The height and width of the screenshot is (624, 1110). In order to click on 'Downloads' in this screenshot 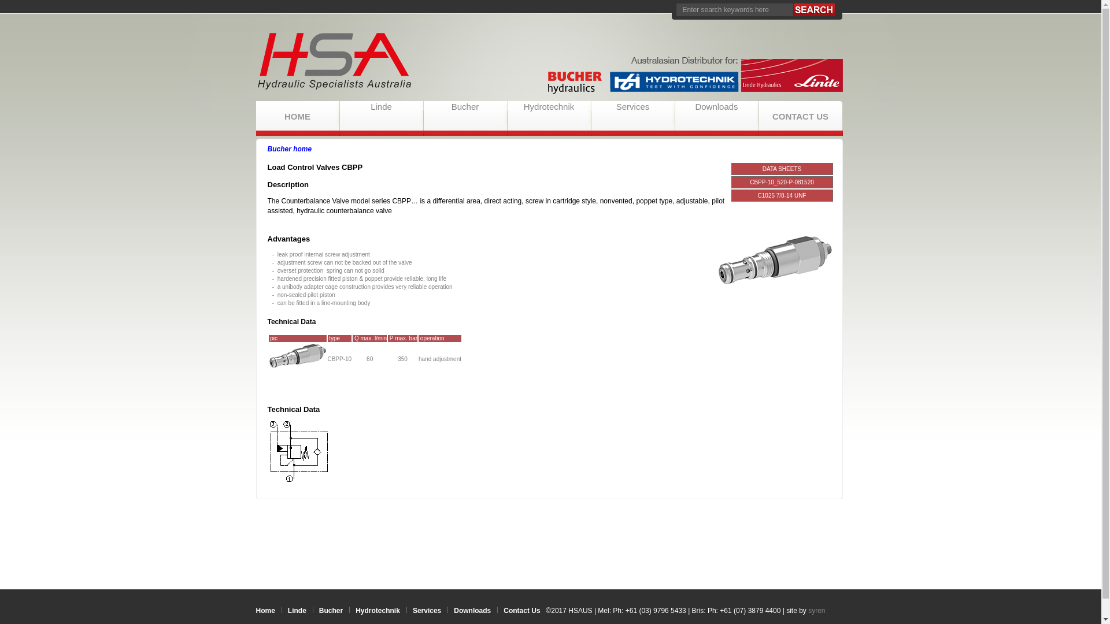, I will do `click(715, 106)`.